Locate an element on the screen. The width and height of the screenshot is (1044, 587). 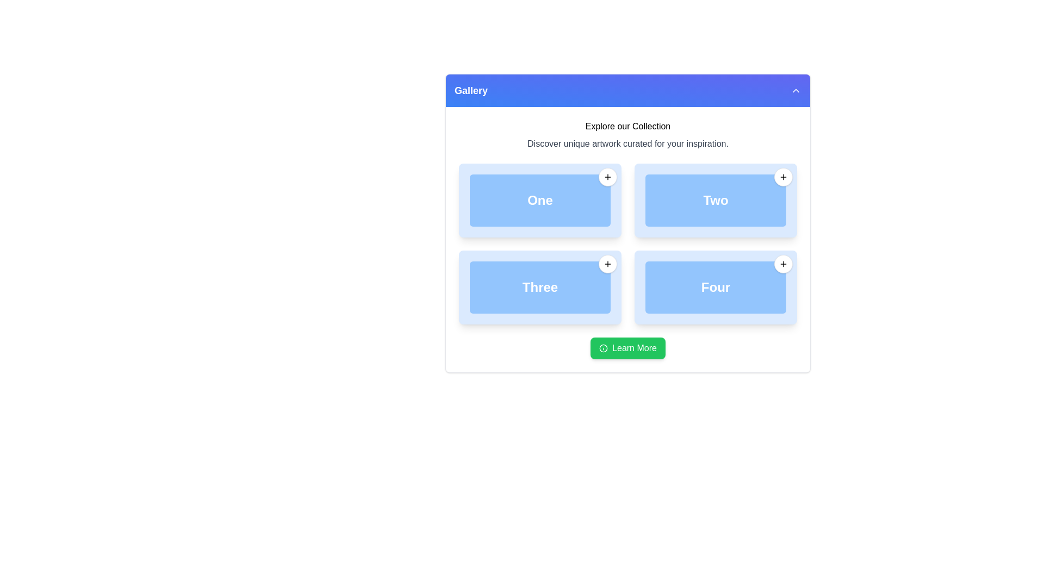
the '+' button located at the top-right corner of the card labeled 'Two' is located at coordinates (783, 177).